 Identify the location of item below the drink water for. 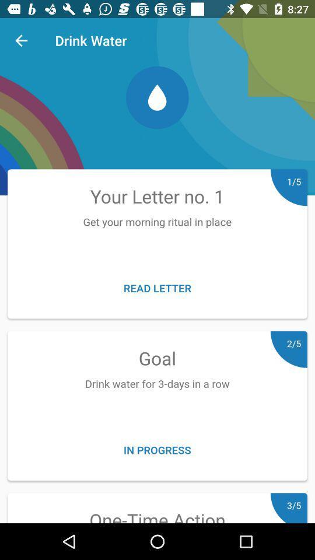
(157, 449).